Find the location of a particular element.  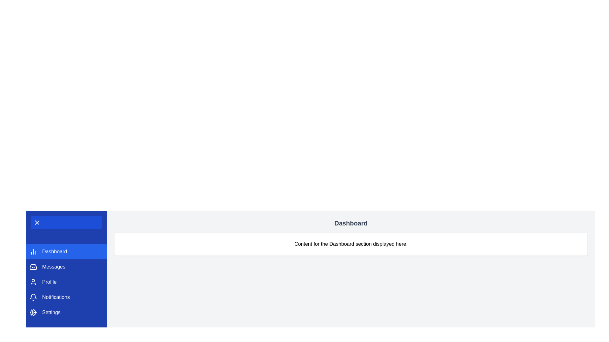

the 'Messages' menu item located in the second position of the vertical sidebar menu to activate hover effects is located at coordinates (66, 267).